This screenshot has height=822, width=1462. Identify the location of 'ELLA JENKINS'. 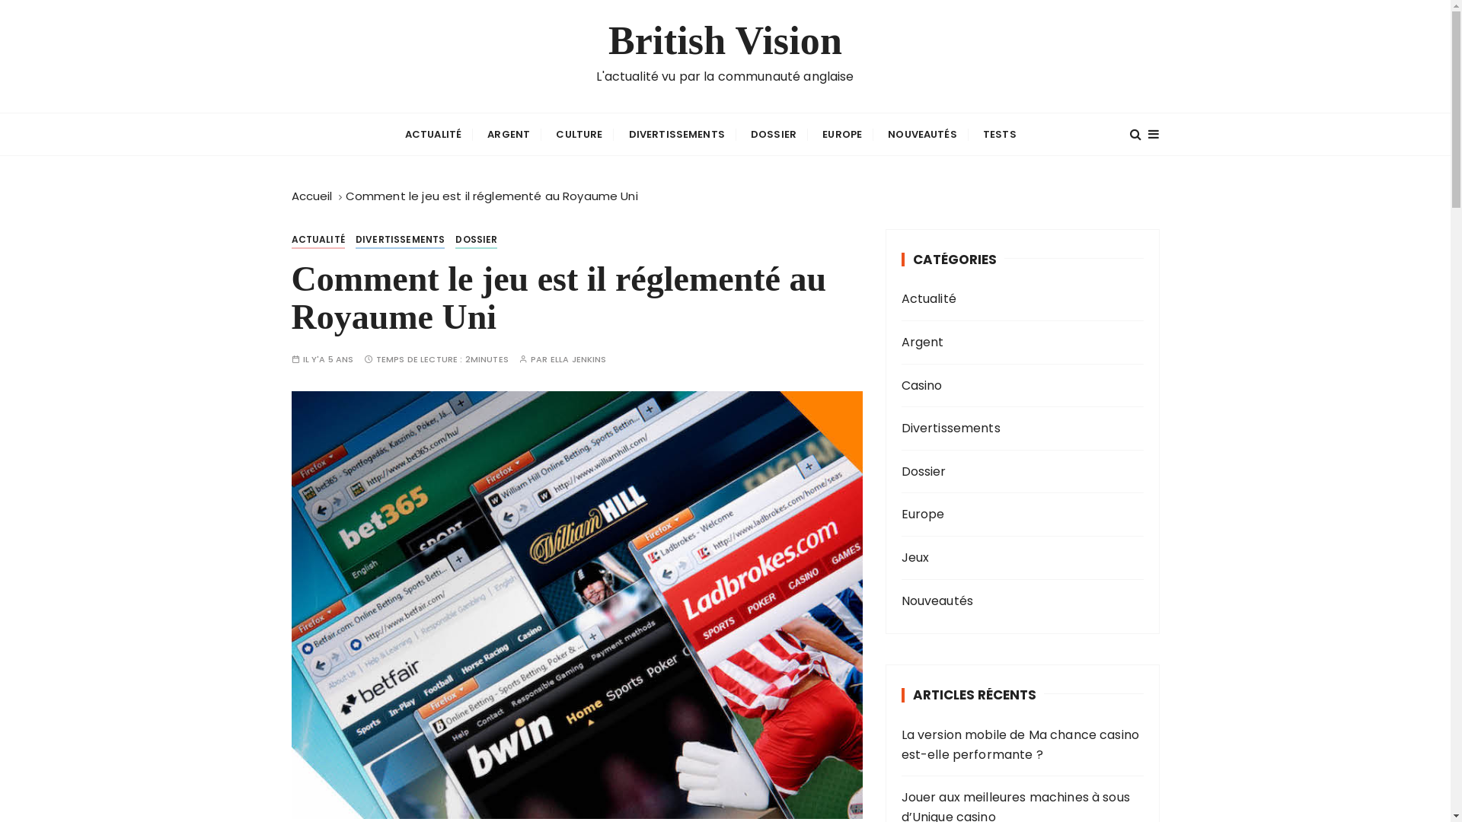
(577, 359).